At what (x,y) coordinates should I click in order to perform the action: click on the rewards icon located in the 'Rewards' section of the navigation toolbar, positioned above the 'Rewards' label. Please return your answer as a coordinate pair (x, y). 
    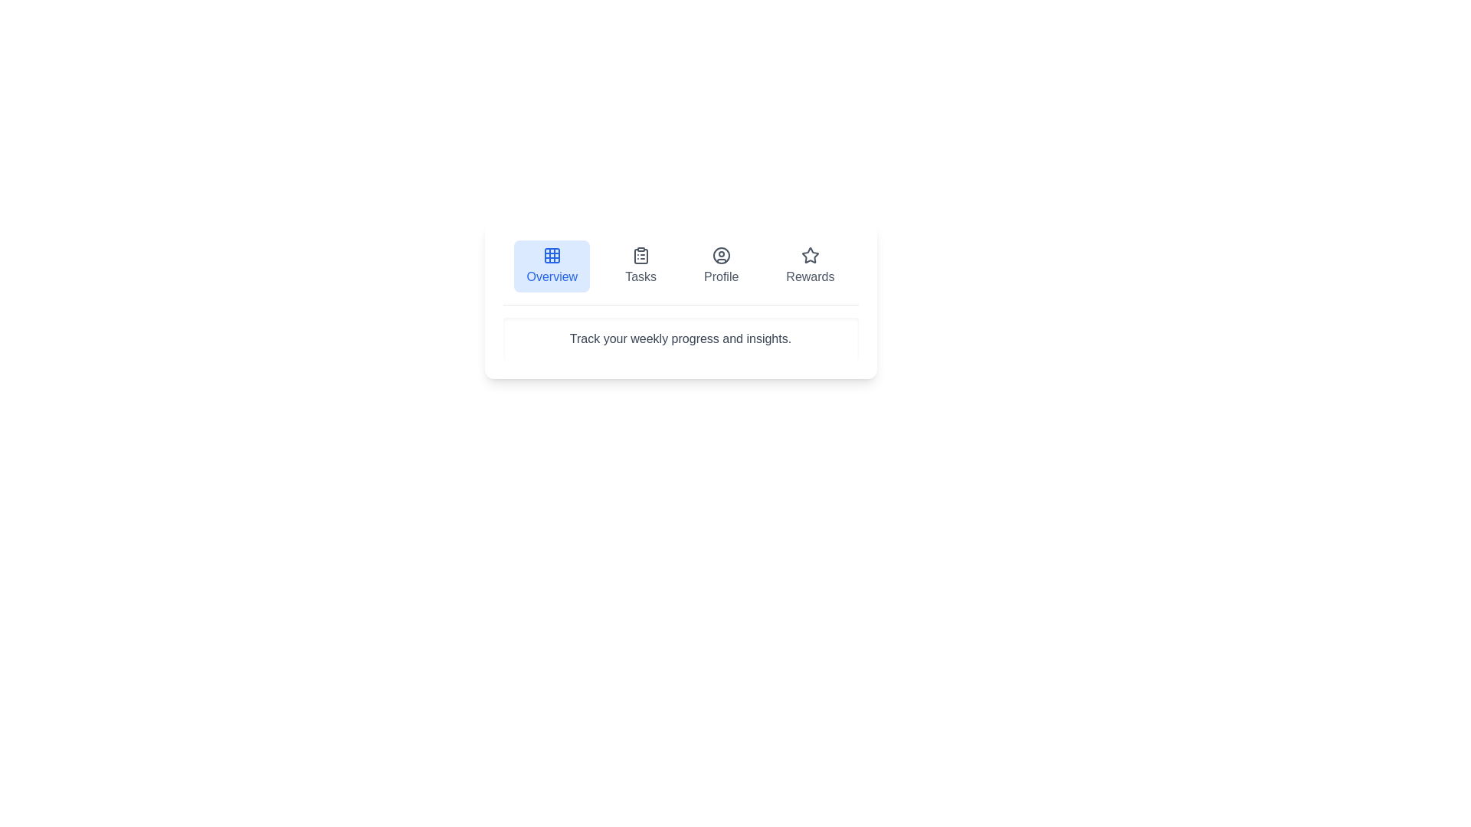
    Looking at the image, I should click on (809, 255).